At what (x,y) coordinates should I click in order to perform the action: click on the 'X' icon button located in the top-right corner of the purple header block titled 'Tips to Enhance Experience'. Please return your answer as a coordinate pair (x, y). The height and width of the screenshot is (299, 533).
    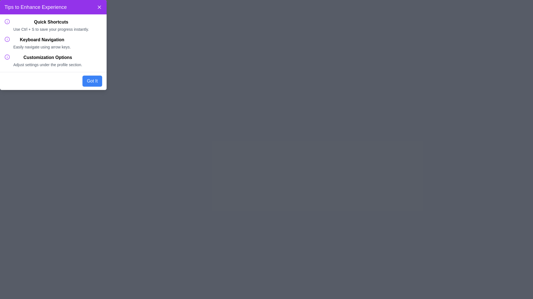
    Looking at the image, I should click on (99, 7).